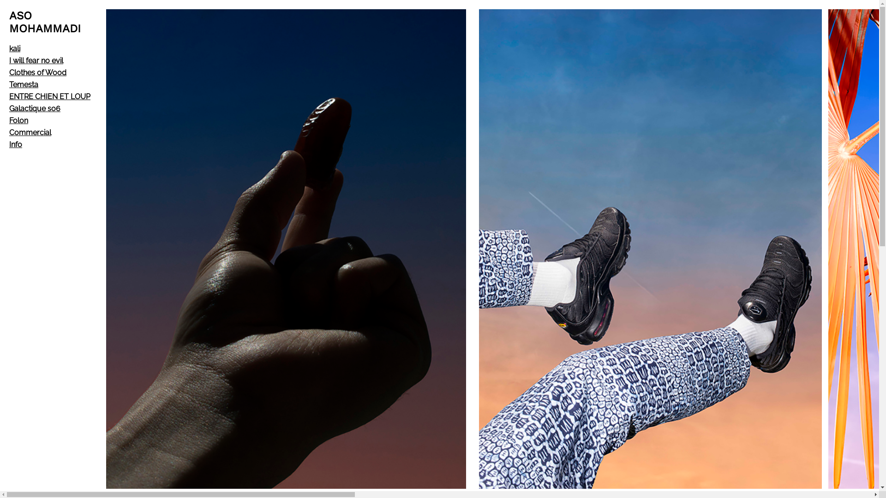 Image resolution: width=886 pixels, height=498 pixels. I want to click on 'I will fear no evil', so click(36, 60).